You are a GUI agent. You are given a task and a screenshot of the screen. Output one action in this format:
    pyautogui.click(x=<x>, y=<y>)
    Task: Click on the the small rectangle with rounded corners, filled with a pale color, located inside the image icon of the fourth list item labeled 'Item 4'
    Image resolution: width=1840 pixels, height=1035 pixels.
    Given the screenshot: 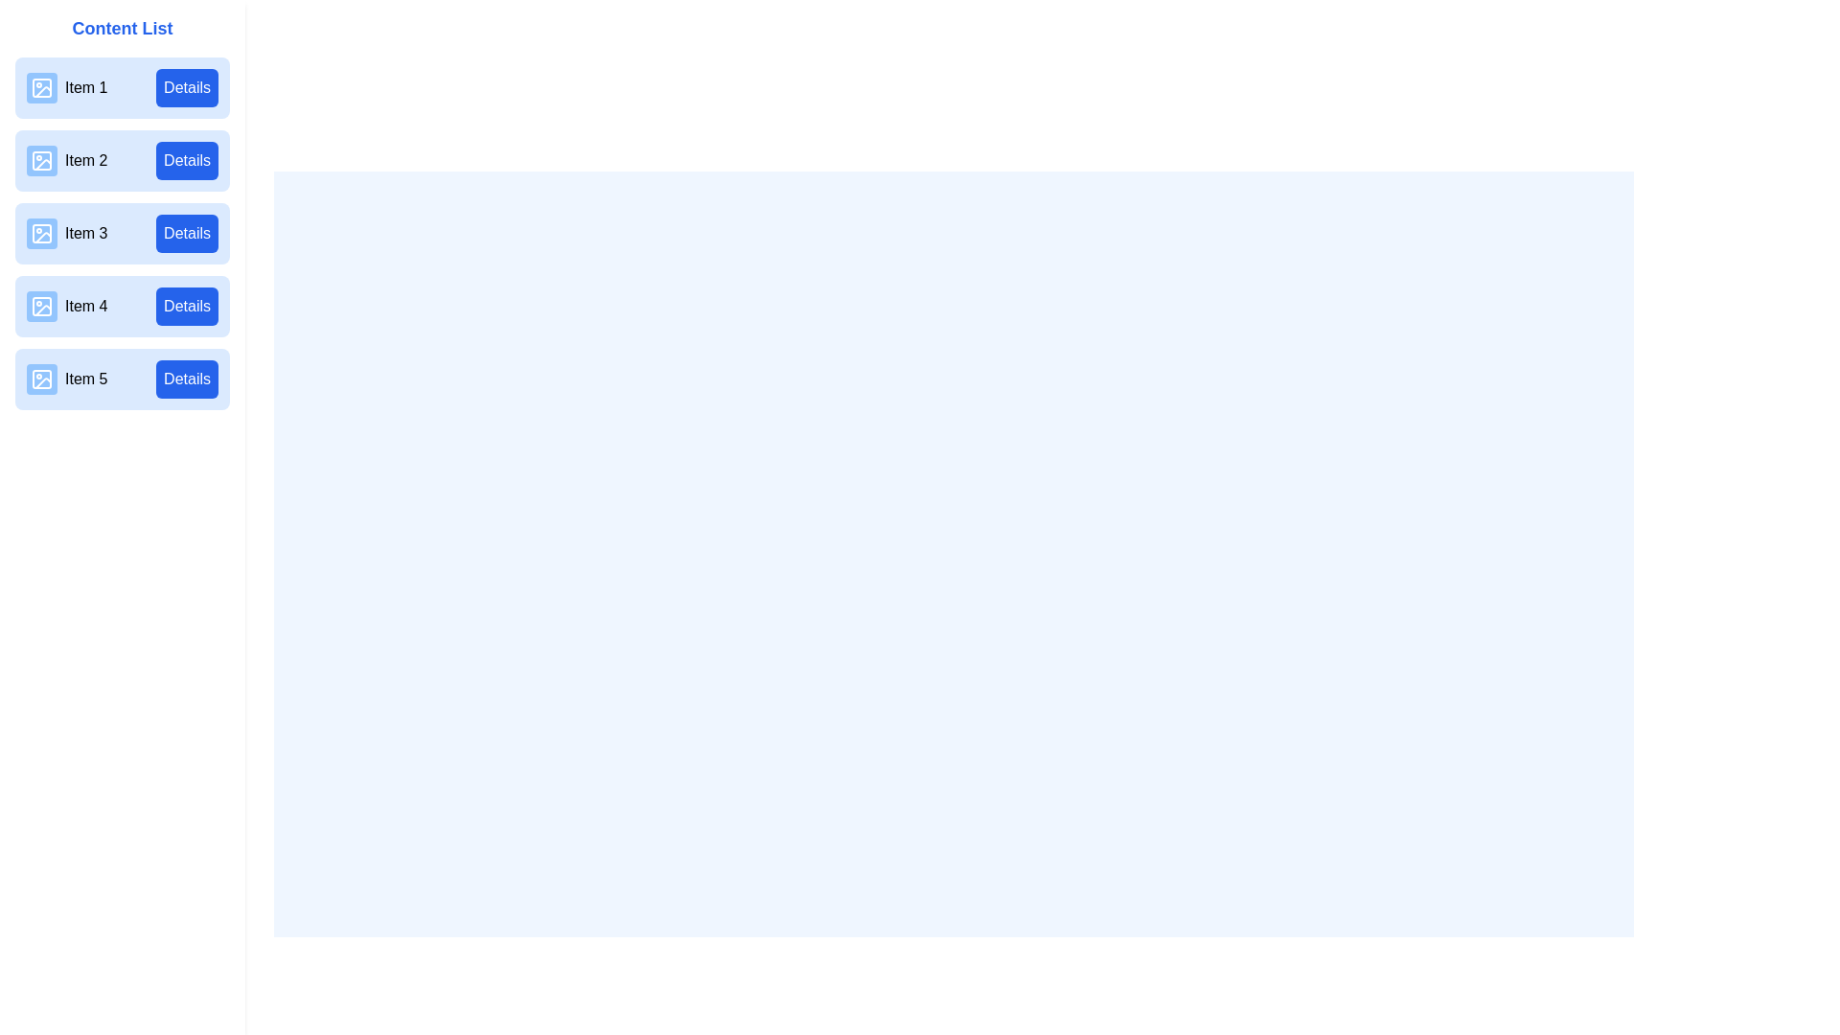 What is the action you would take?
    pyautogui.click(x=41, y=306)
    